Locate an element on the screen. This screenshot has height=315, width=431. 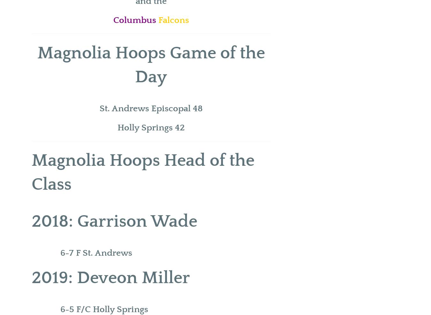
'2018: Garrison Wade' is located at coordinates (114, 221).